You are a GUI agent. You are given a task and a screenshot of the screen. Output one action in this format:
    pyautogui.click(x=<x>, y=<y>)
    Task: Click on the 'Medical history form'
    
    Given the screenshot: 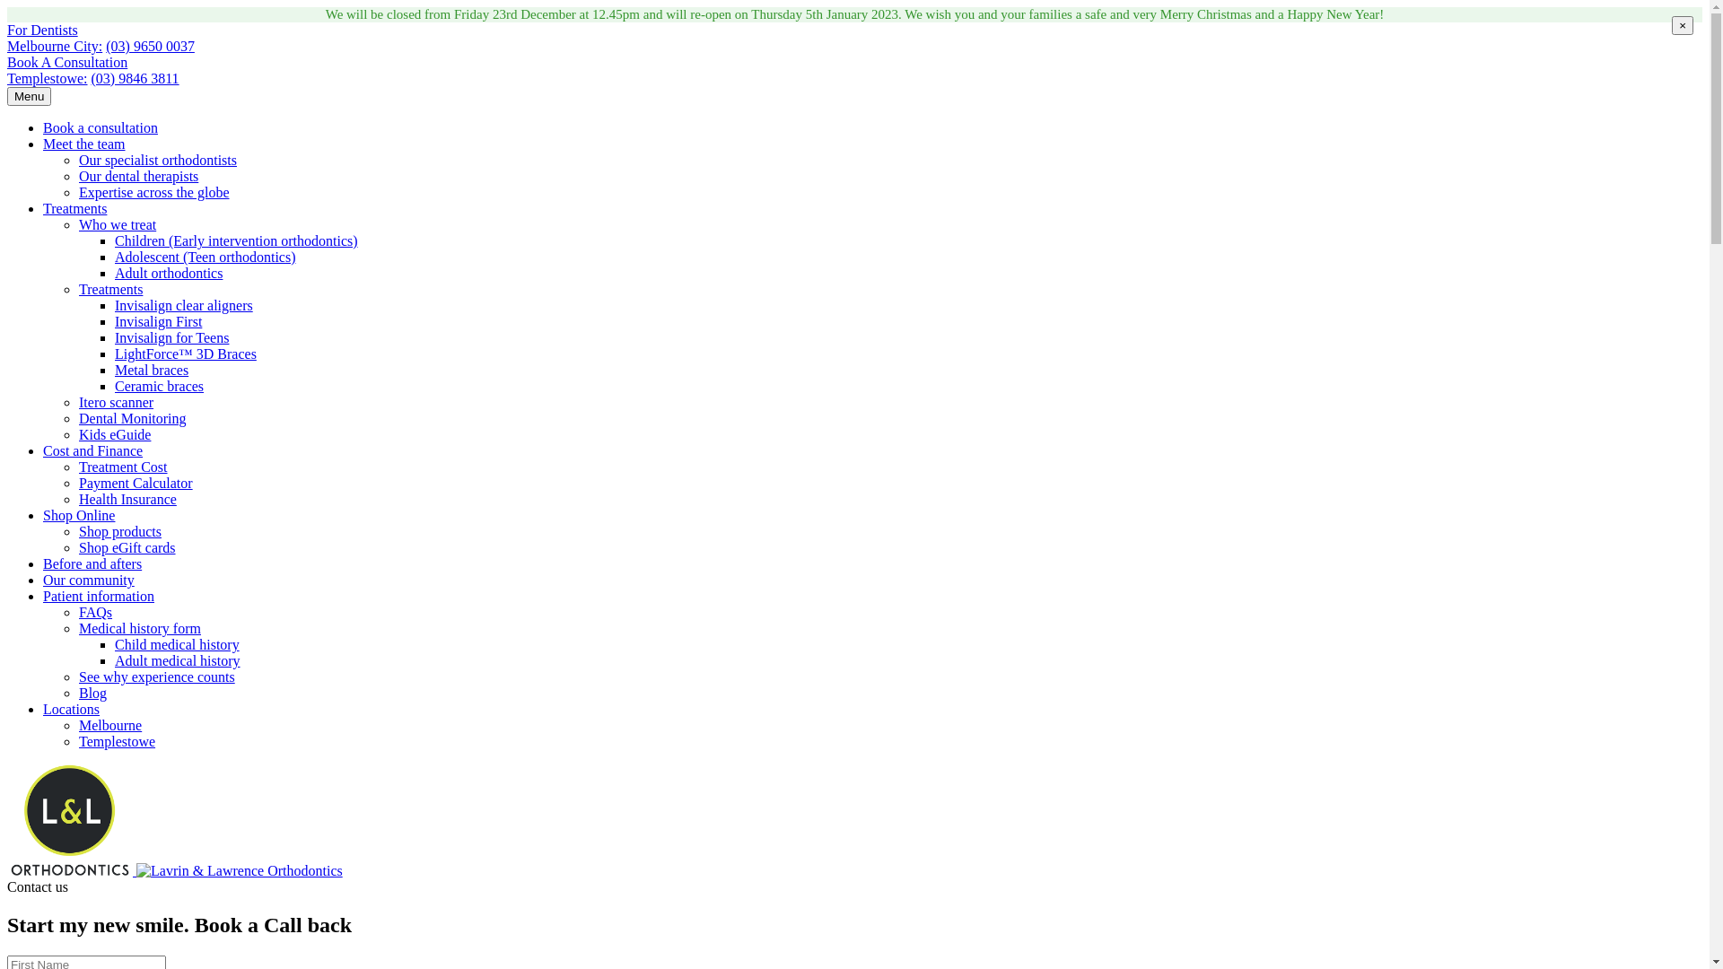 What is the action you would take?
    pyautogui.click(x=77, y=627)
    